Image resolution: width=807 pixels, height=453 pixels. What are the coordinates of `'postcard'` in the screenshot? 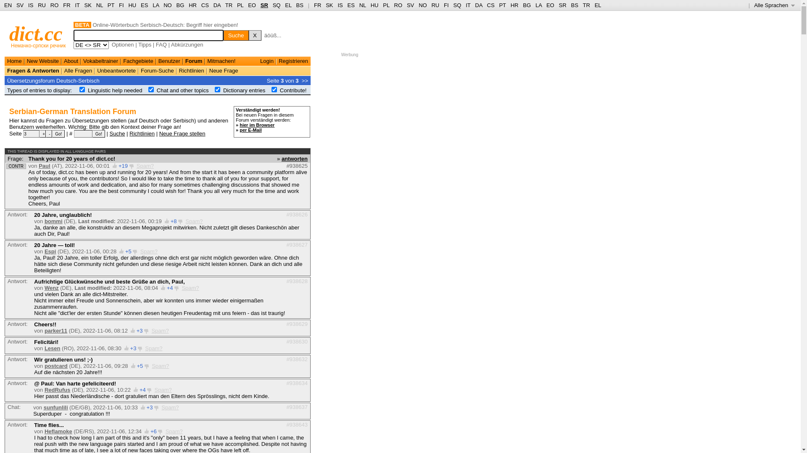 It's located at (55, 365).